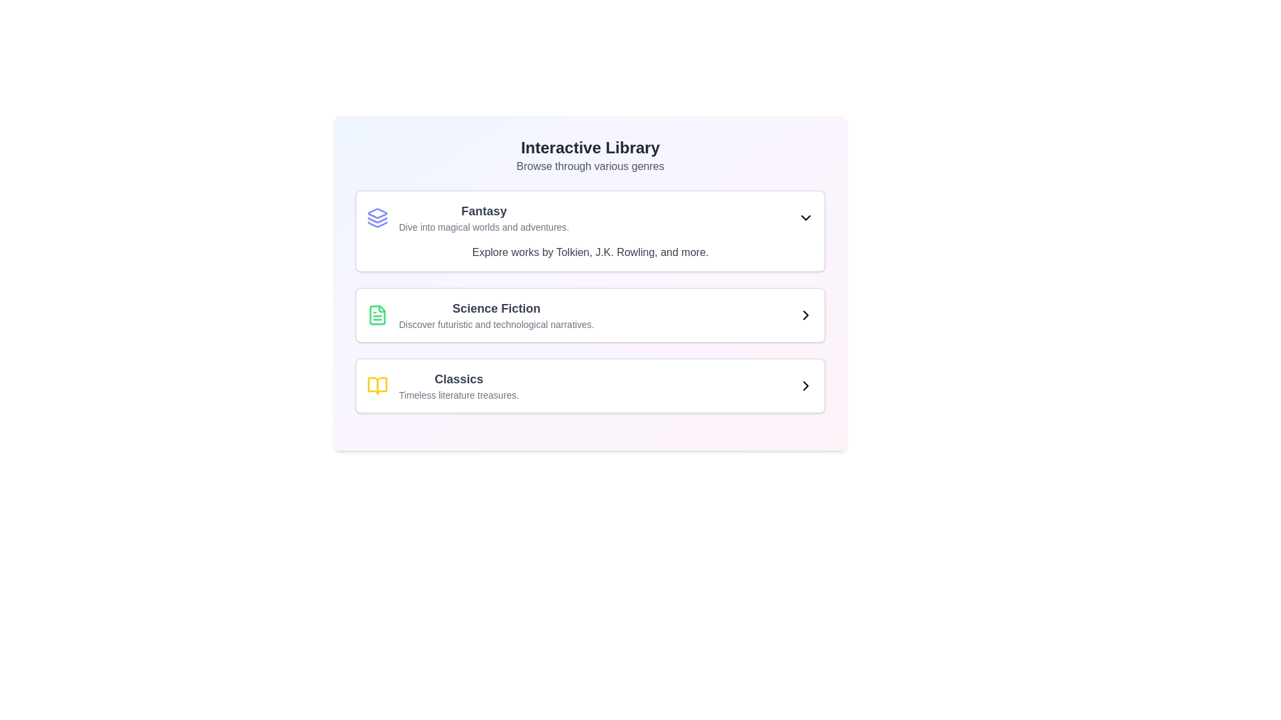 This screenshot has width=1281, height=720. I want to click on the green document icon located to the left of the 'Science Fiction' genre label, so click(377, 315).